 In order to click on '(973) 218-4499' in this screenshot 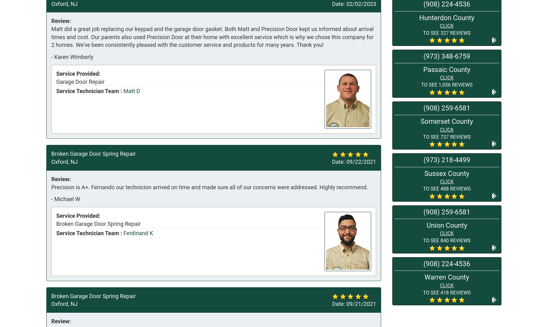, I will do `click(423, 159)`.